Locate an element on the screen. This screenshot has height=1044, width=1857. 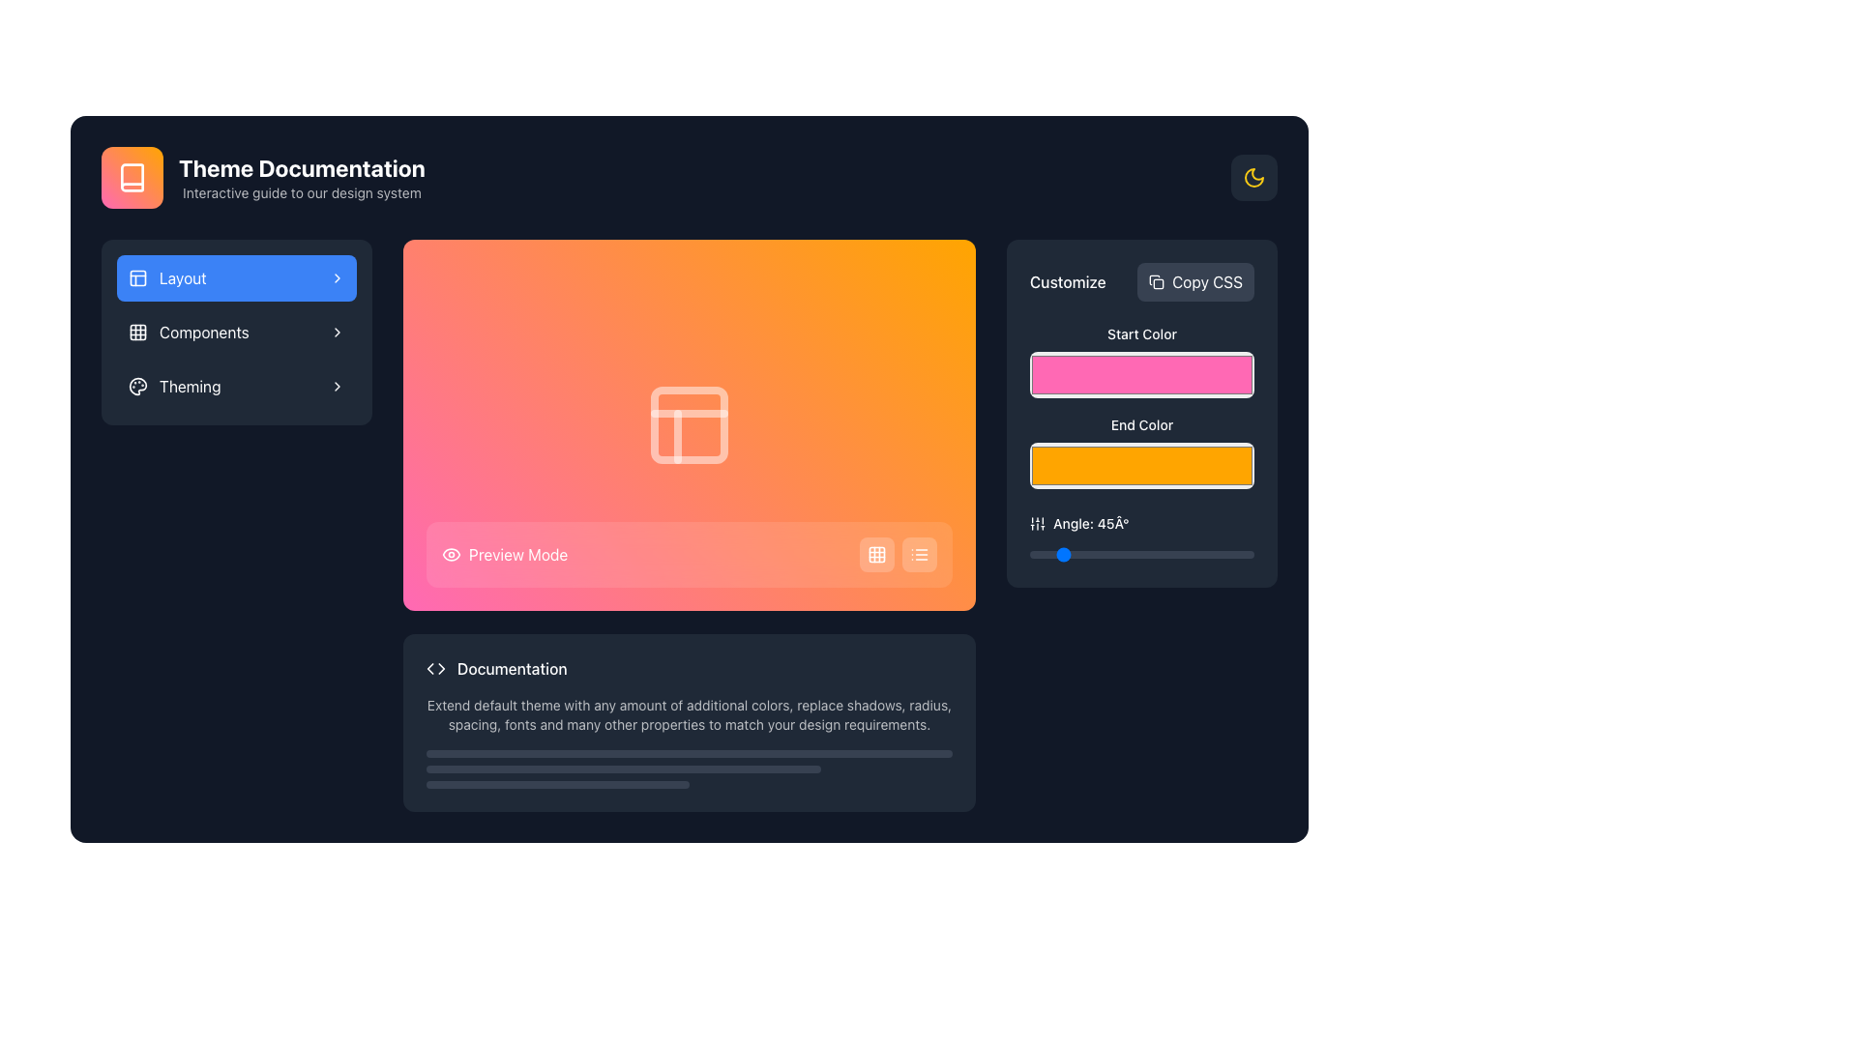
the text label that describes the color picker component located in the 'Customize' section on the right side of the interface is located at coordinates (1141, 423).